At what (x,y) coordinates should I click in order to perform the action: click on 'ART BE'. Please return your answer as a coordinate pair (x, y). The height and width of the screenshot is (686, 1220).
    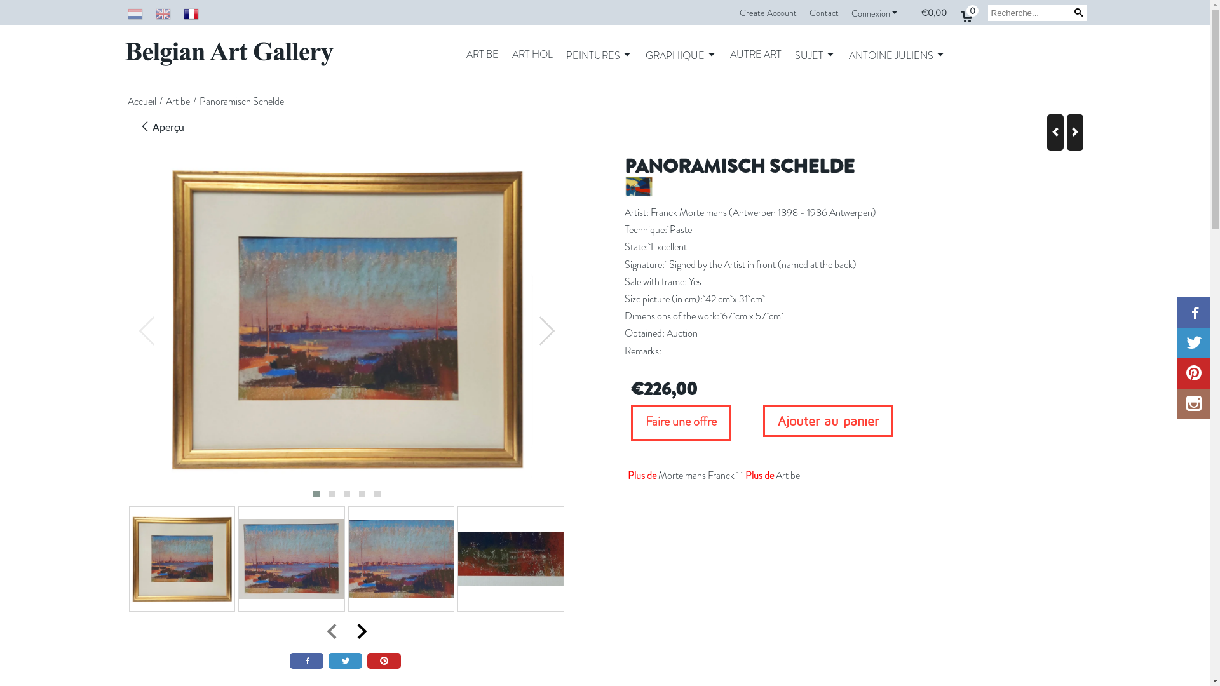
    Looking at the image, I should click on (482, 53).